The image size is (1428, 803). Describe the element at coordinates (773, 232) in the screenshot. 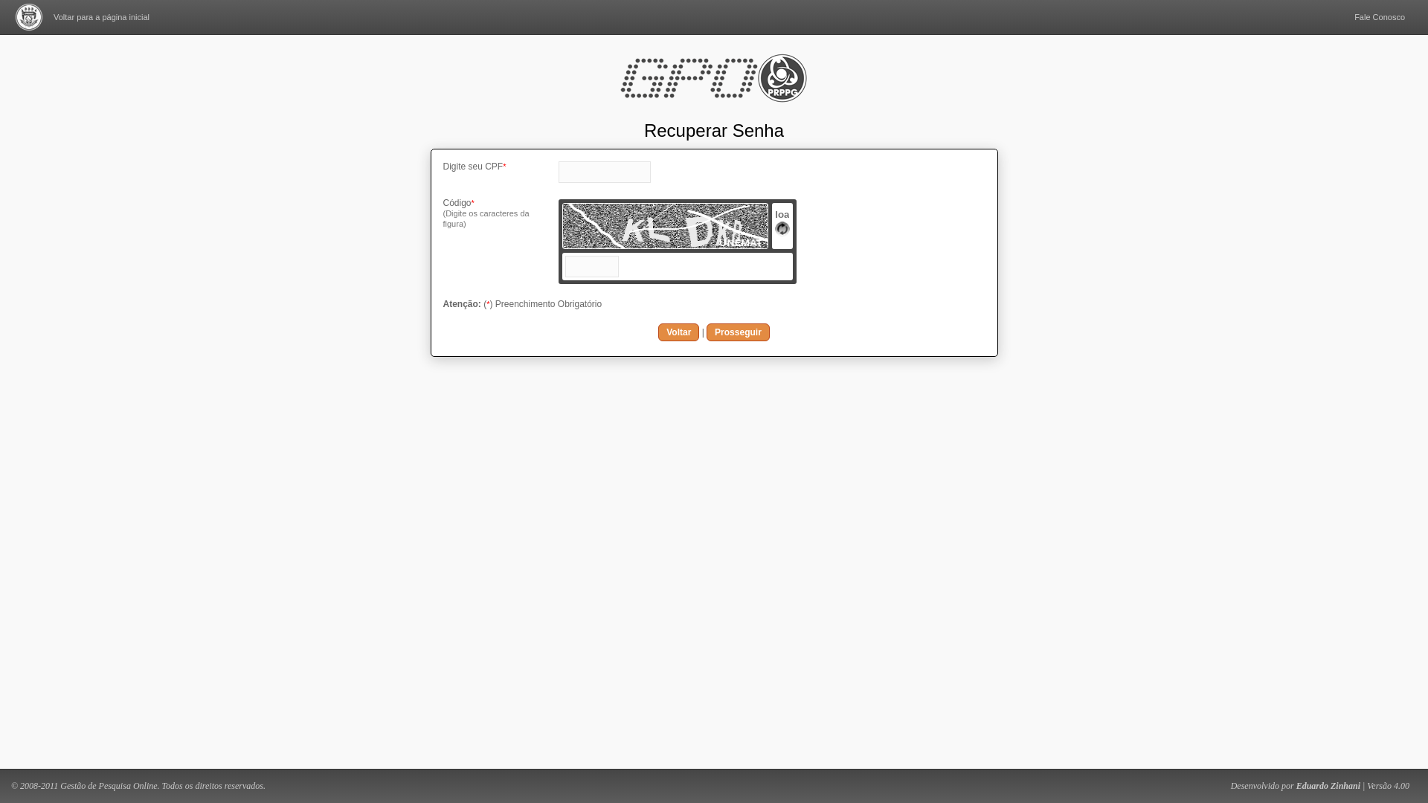

I see `'Recarregar Imagem'` at that location.